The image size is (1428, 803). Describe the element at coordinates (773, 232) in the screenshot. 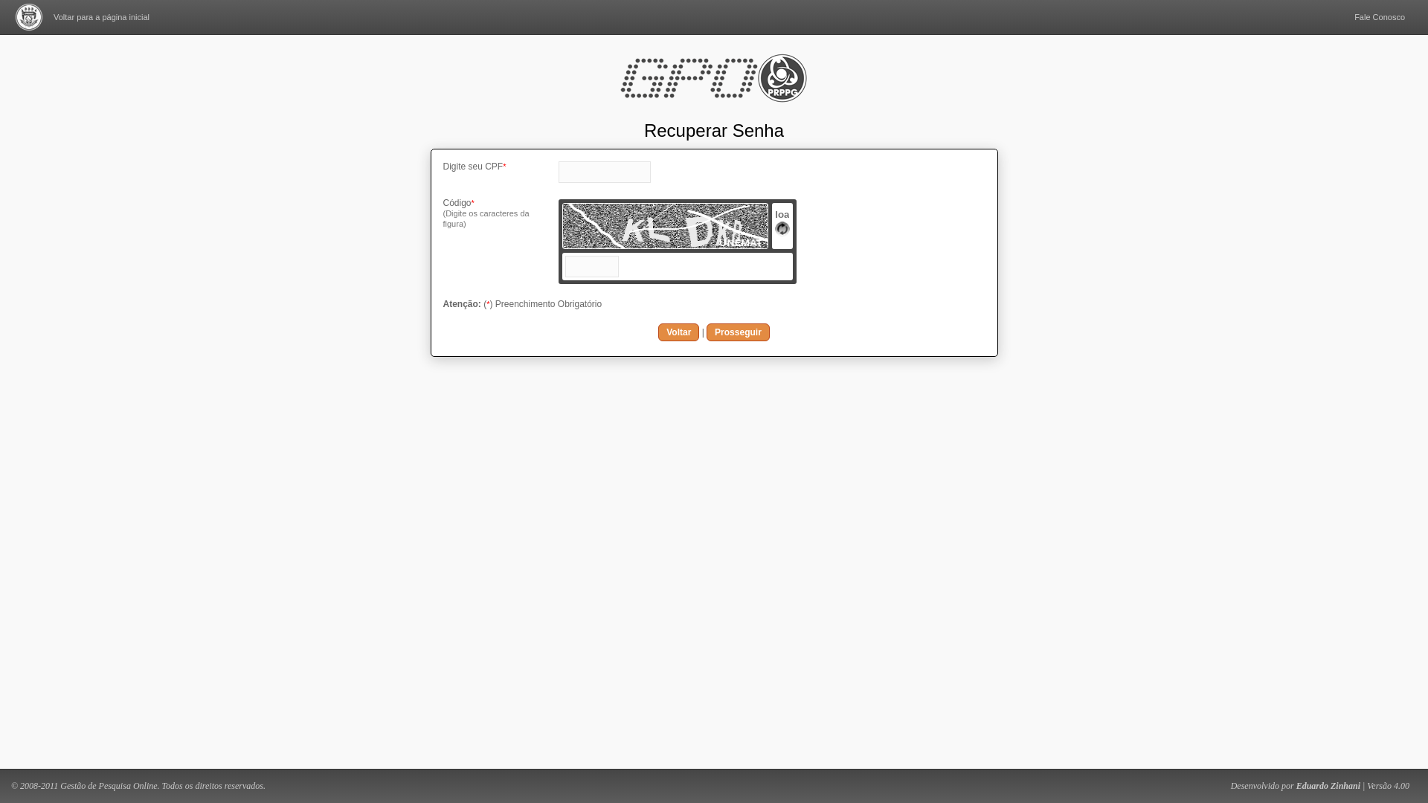

I see `'Recarregar Imagem'` at that location.